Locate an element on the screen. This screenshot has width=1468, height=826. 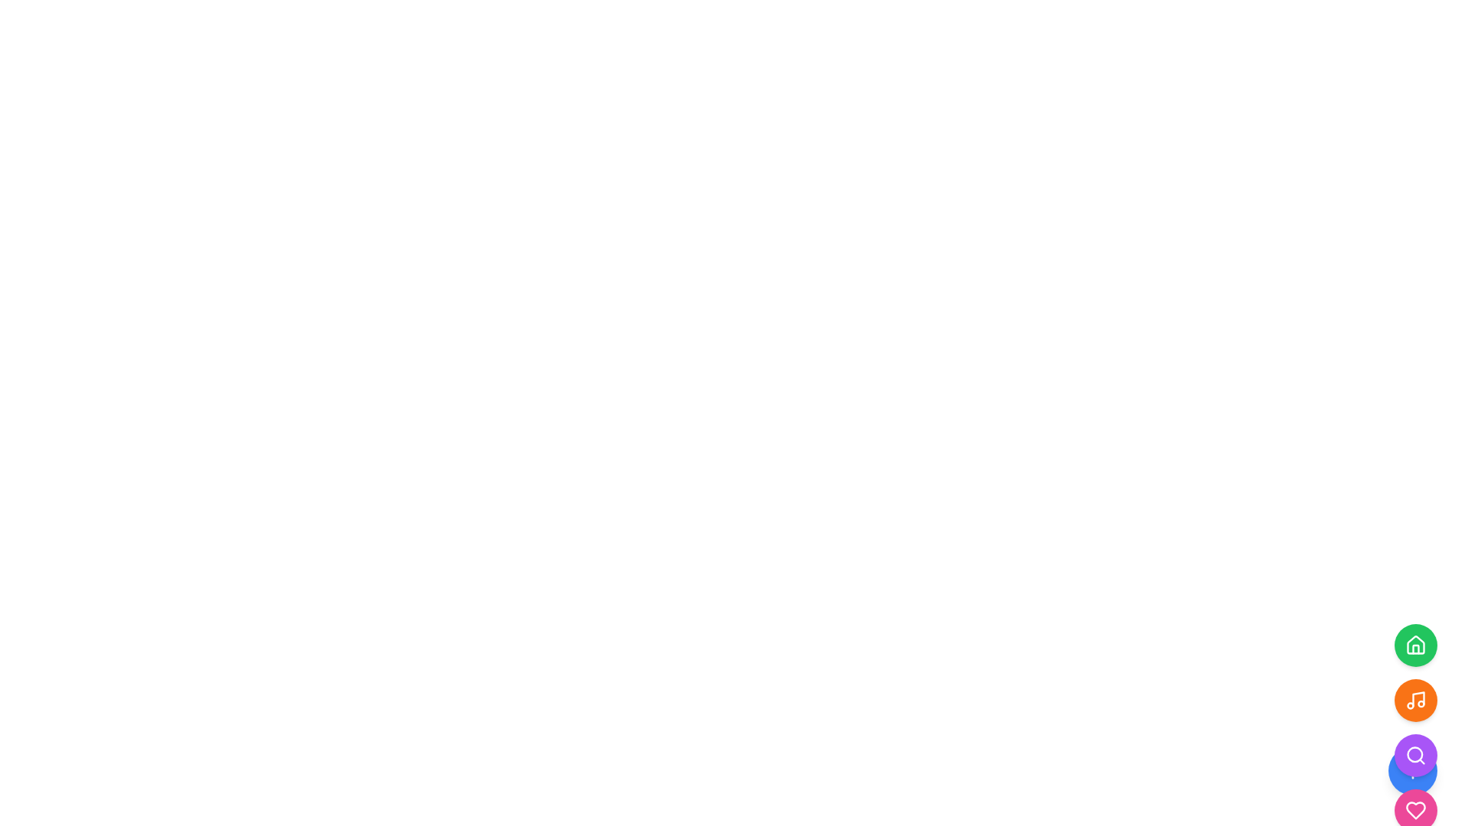
the circular SVG element that is part of a magnifying glass icon, located near the bottom right corner of the interface is located at coordinates (1414, 753).